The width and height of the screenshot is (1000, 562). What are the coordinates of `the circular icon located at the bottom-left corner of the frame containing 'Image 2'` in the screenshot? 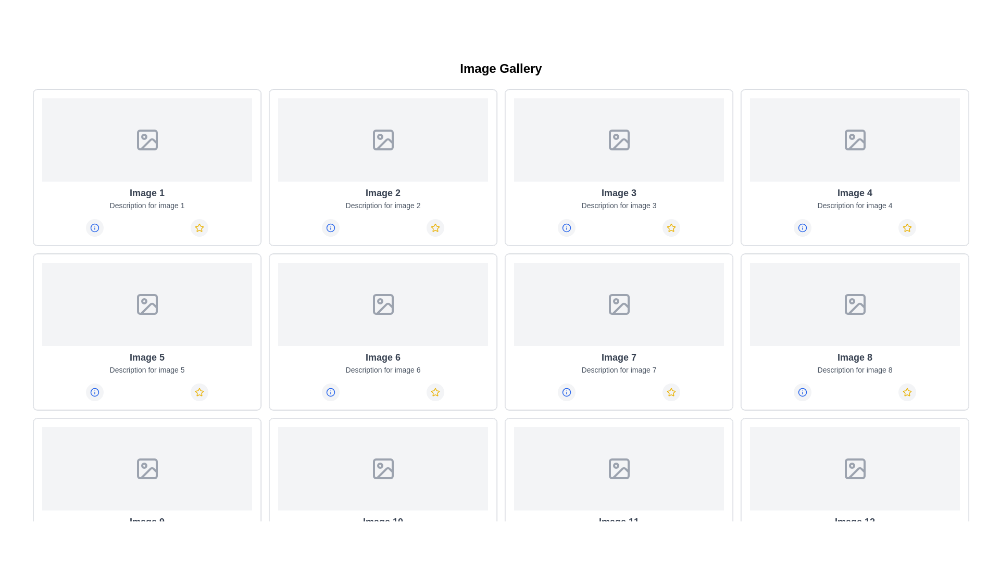 It's located at (330, 227).